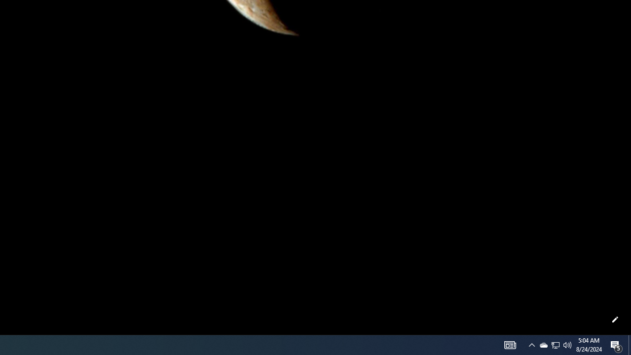 Image resolution: width=631 pixels, height=355 pixels. I want to click on 'Customize this page', so click(615, 319).